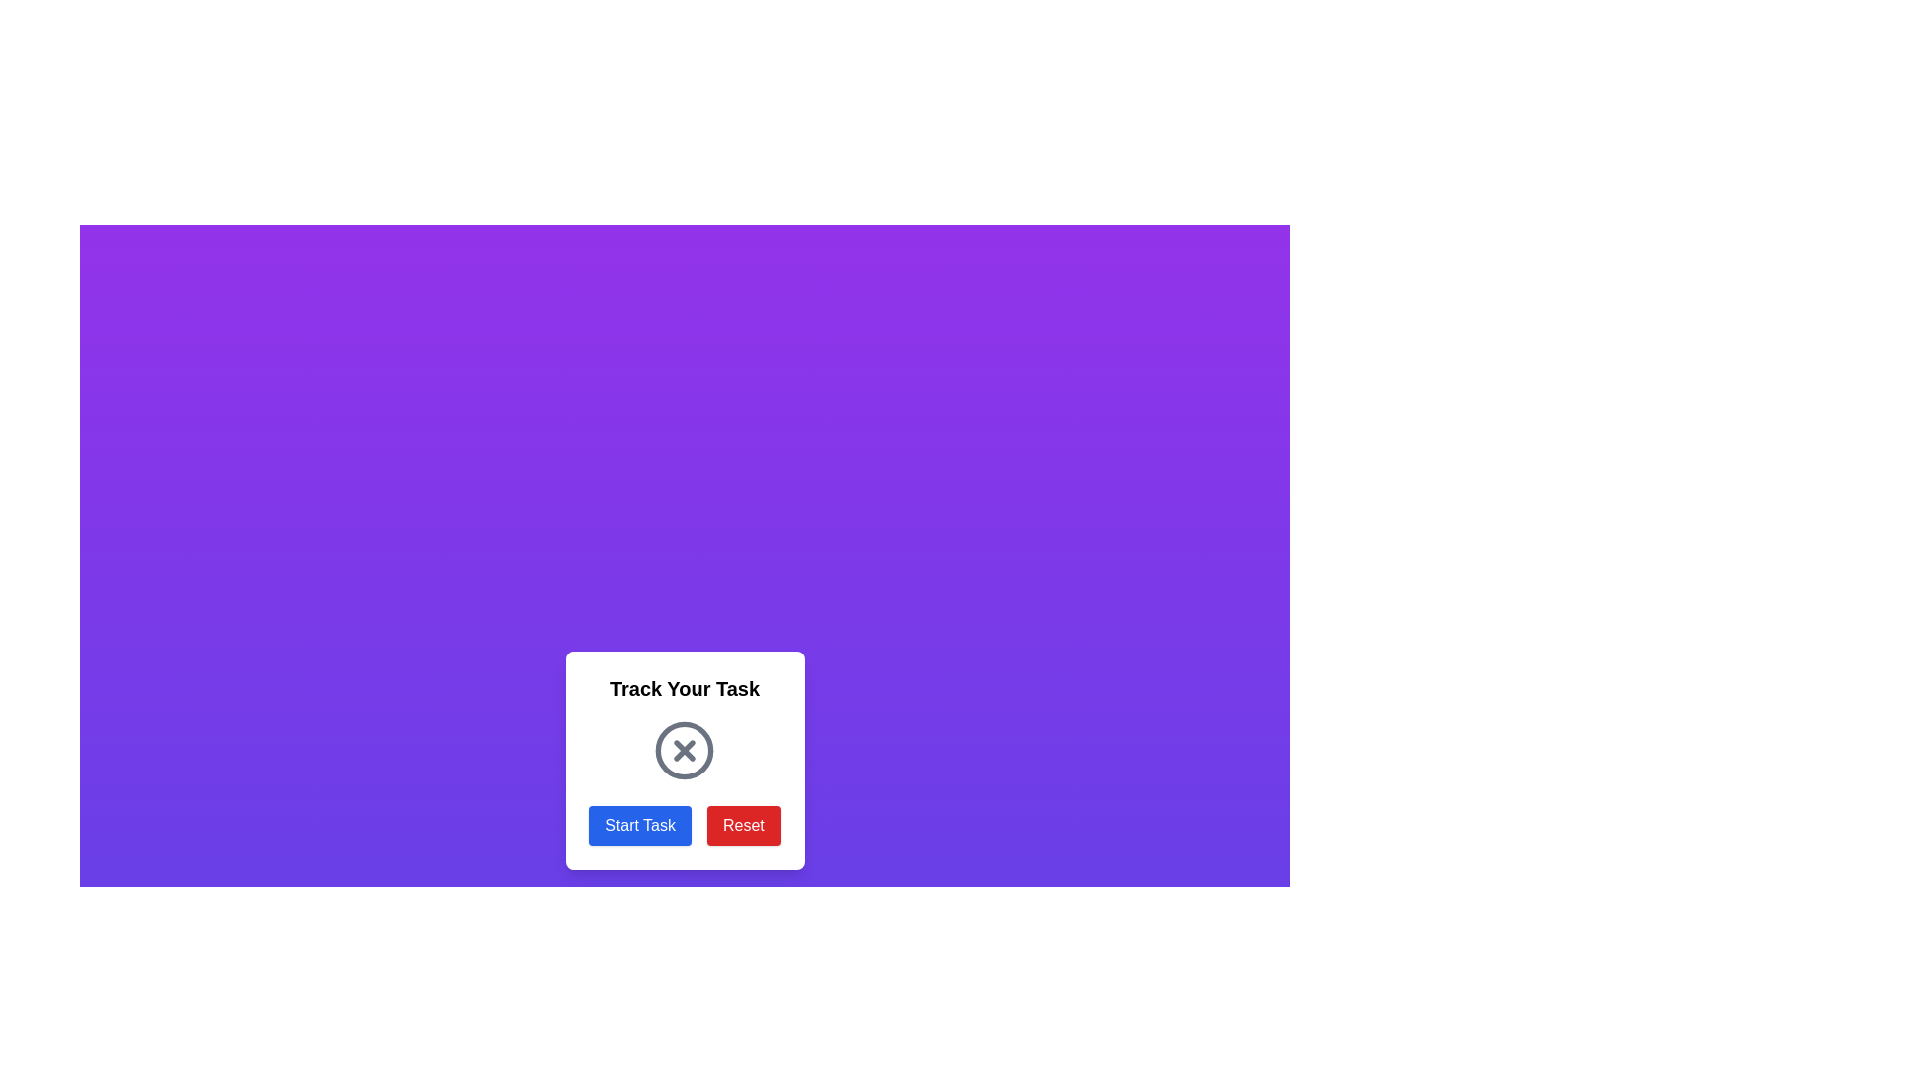 Image resolution: width=1905 pixels, height=1071 pixels. What do you see at coordinates (742, 826) in the screenshot?
I see `the rectangular red 'Reset' button with rounded corners and bold white text` at bounding box center [742, 826].